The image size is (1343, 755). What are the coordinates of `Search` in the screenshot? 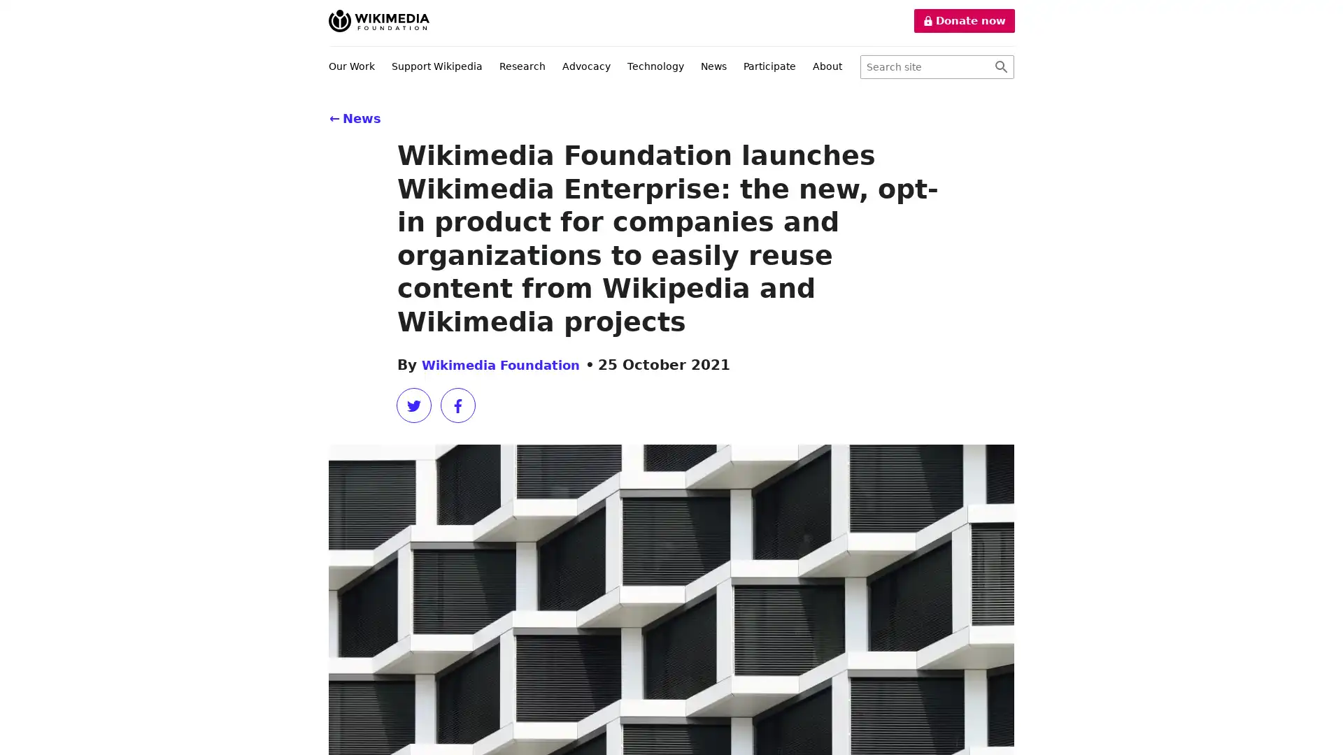 It's located at (1000, 67).